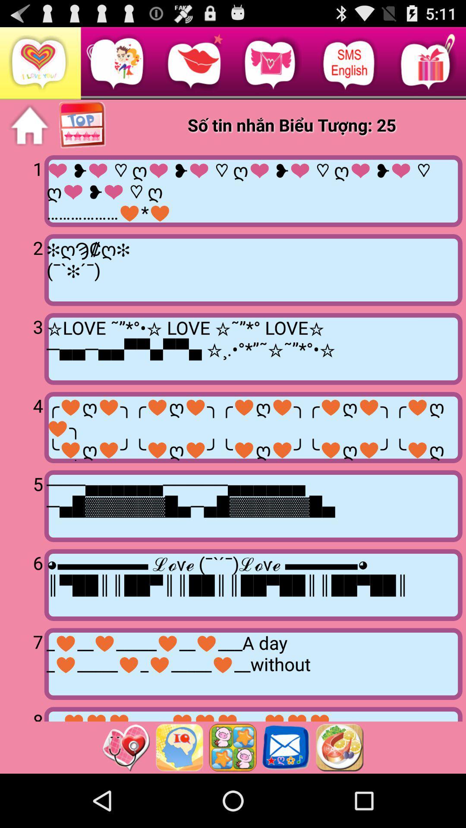 This screenshot has width=466, height=828. What do you see at coordinates (253, 663) in the screenshot?
I see `the icon next to 7` at bounding box center [253, 663].